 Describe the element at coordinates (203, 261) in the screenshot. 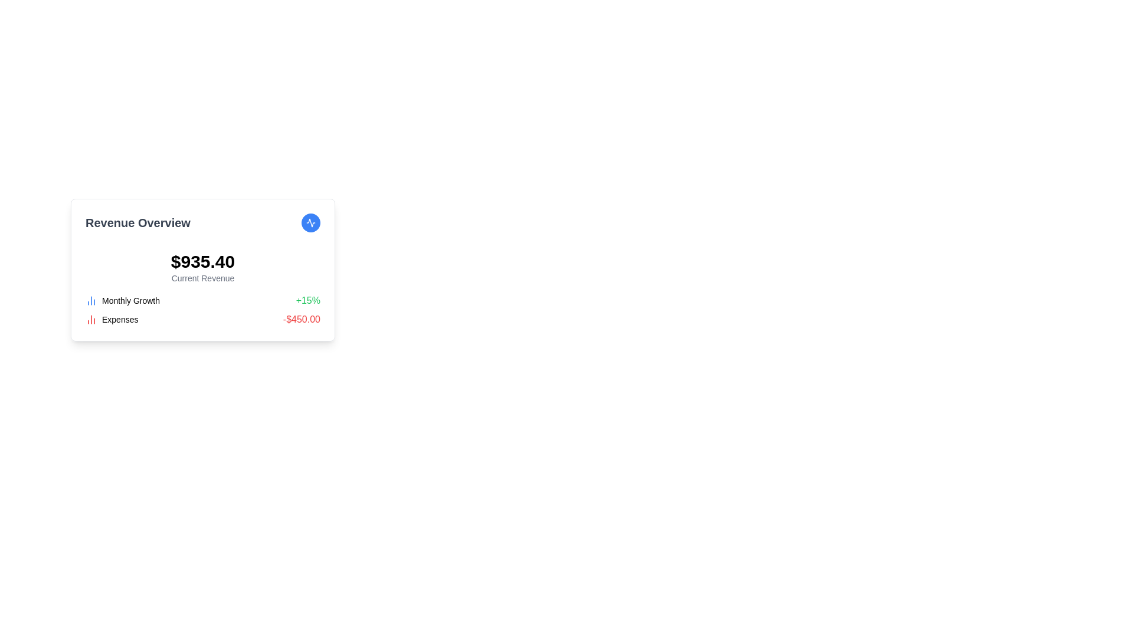

I see `displayed monetary value '$935.40' from the prominent Text element in the 'Revenue Overview' section, which is visually aligned centrally above the label 'Current Revenue'` at that location.